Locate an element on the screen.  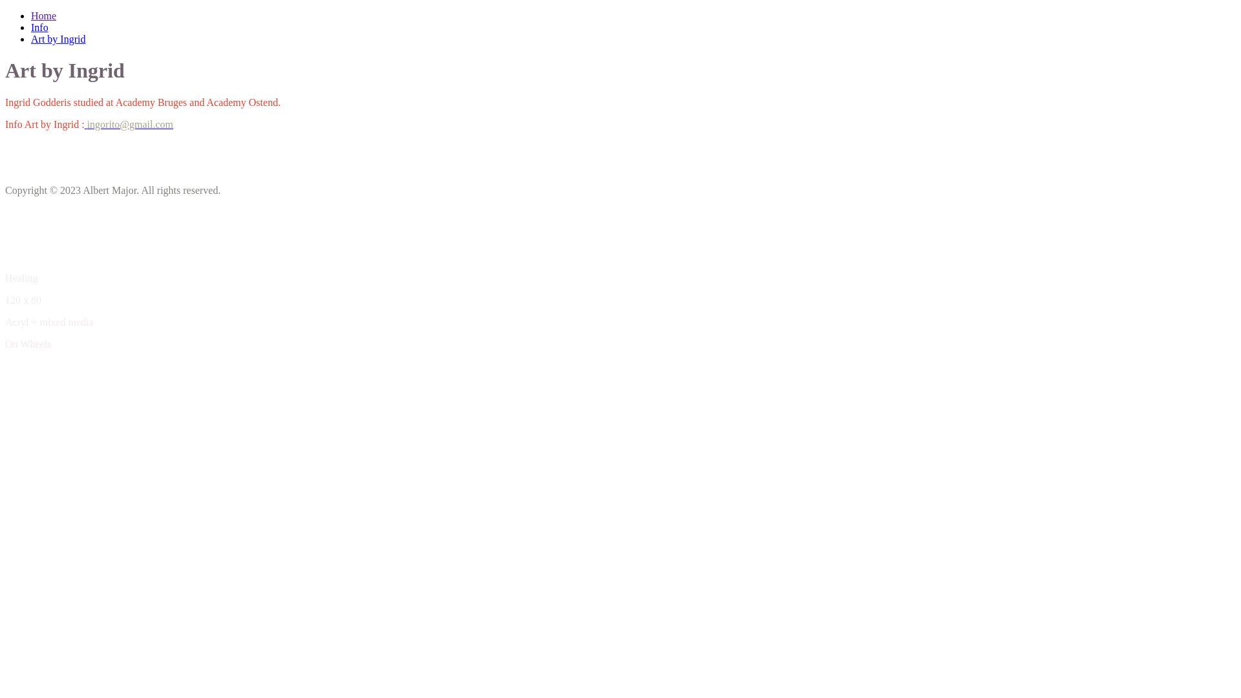
' ' is located at coordinates (85, 124).